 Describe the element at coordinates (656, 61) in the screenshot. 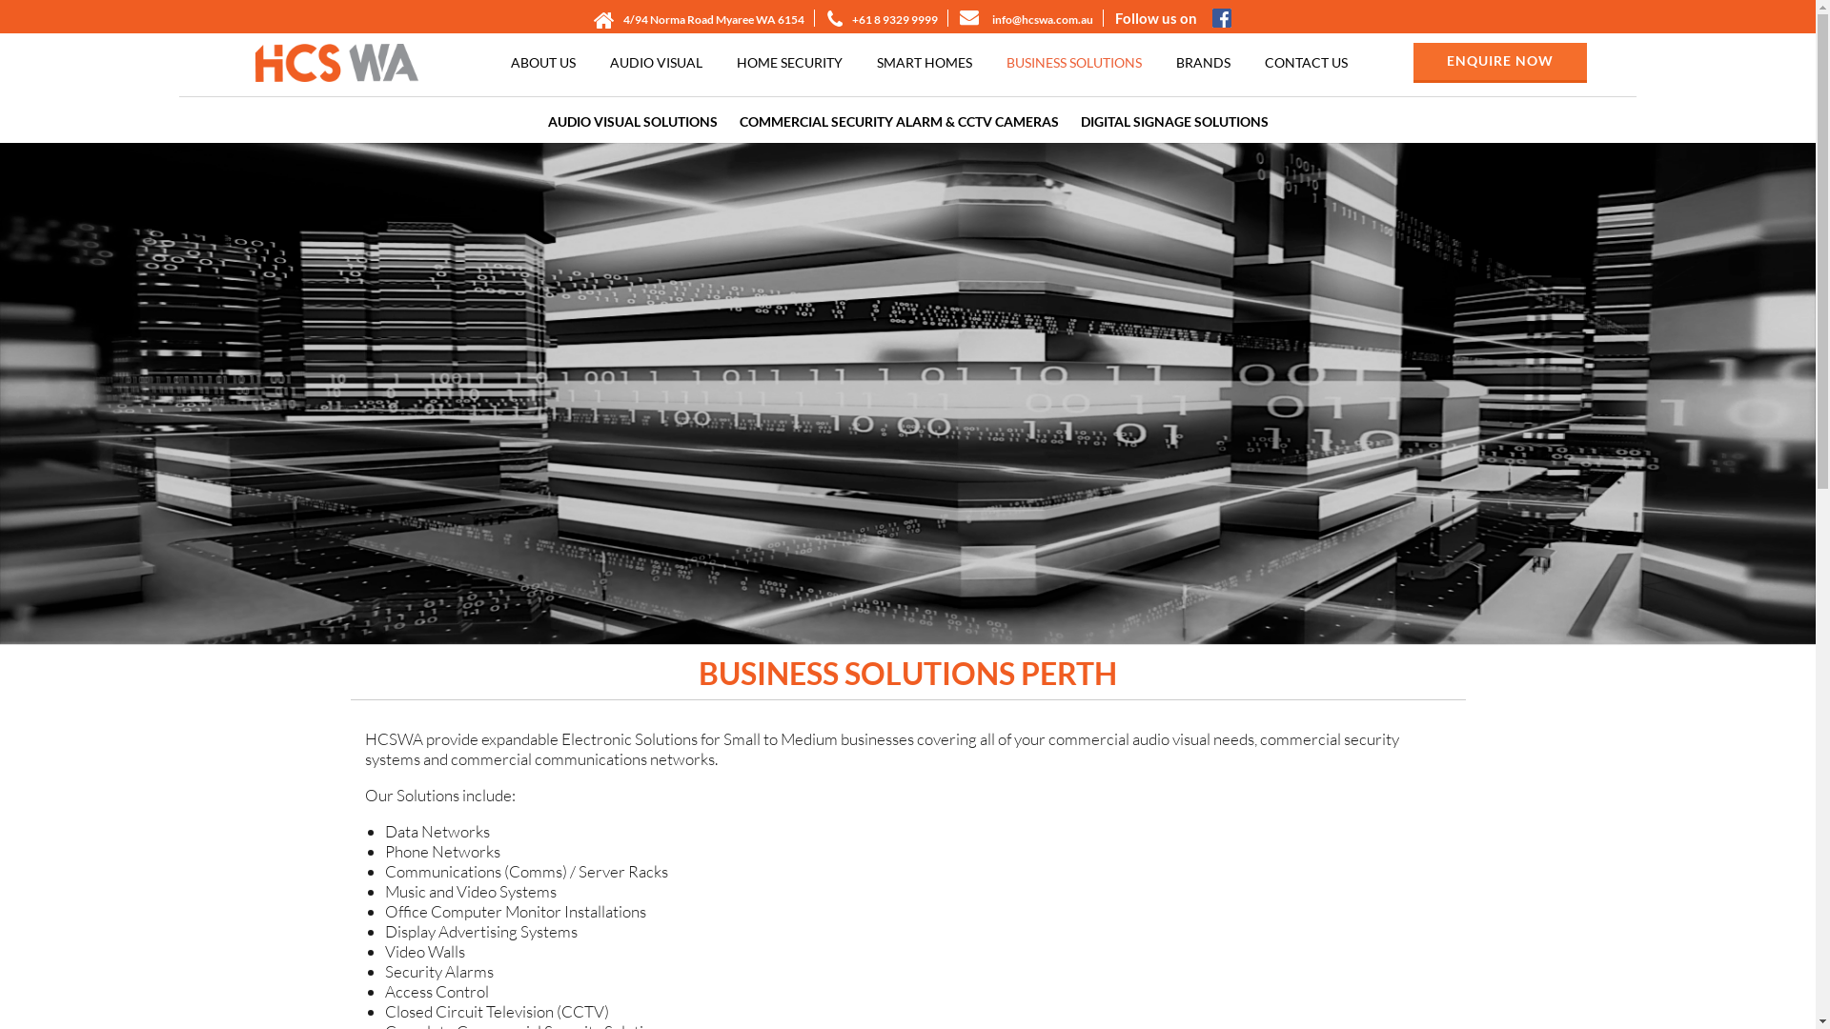

I see `'AUDIO VISUAL'` at that location.